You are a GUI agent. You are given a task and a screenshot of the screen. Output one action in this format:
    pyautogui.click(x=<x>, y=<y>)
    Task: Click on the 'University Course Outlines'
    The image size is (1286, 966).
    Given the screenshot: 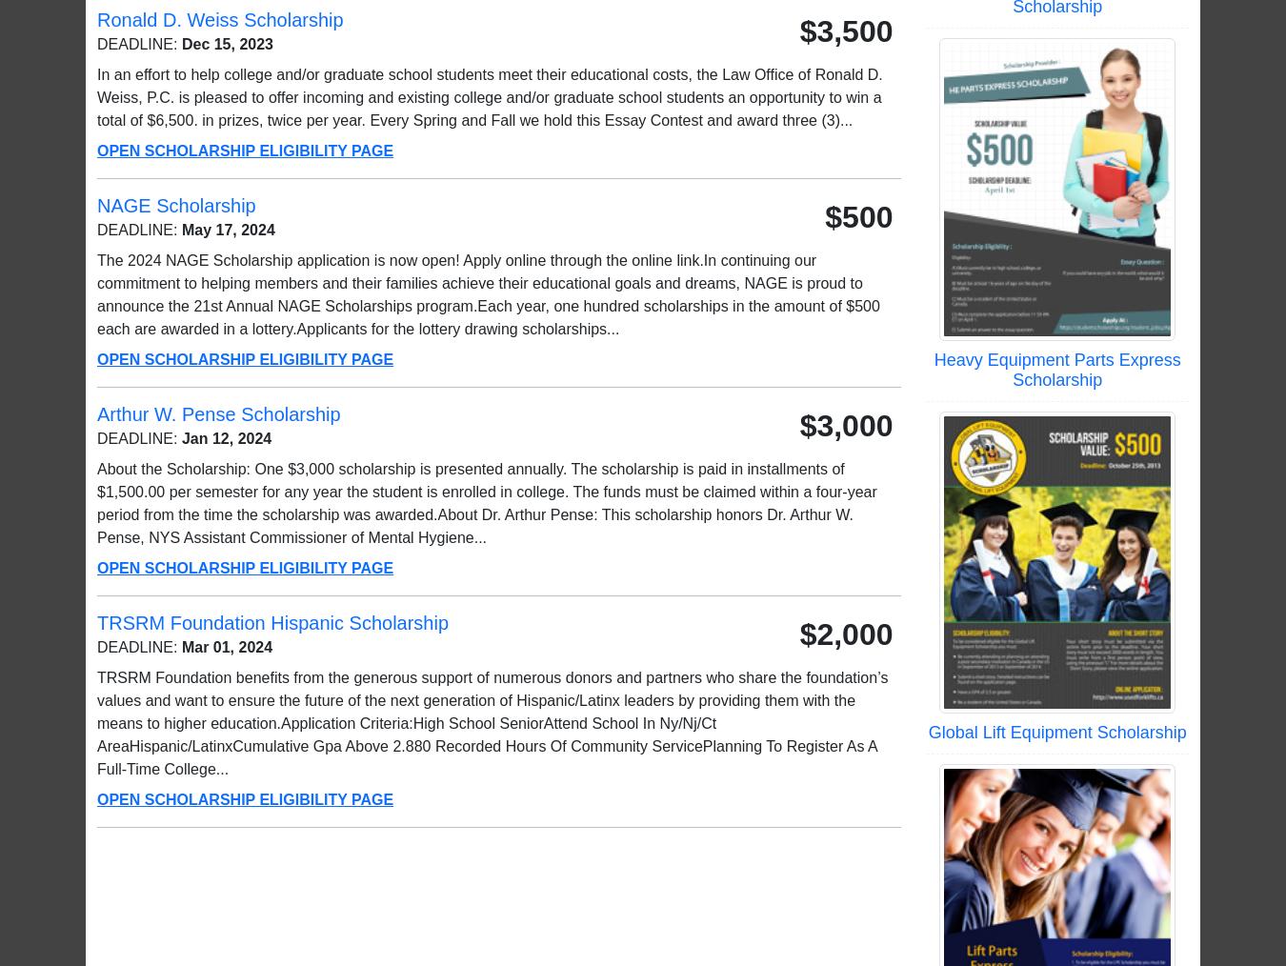 What is the action you would take?
    pyautogui.click(x=325, y=913)
    